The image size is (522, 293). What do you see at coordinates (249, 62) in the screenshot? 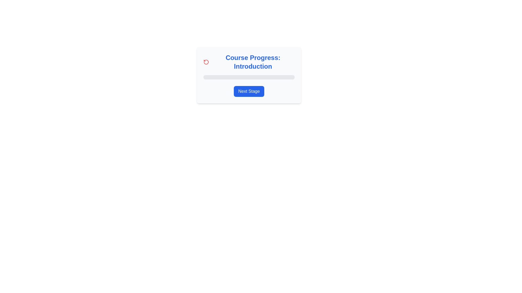
I see `the main title Text element that describes the current stage in the course-related interface, located at the center of the card above the progress bar and 'Next Stage' button` at bounding box center [249, 62].